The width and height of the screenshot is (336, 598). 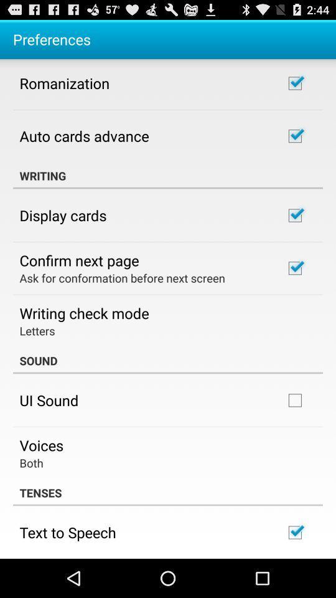 I want to click on the item above the sound, so click(x=37, y=330).